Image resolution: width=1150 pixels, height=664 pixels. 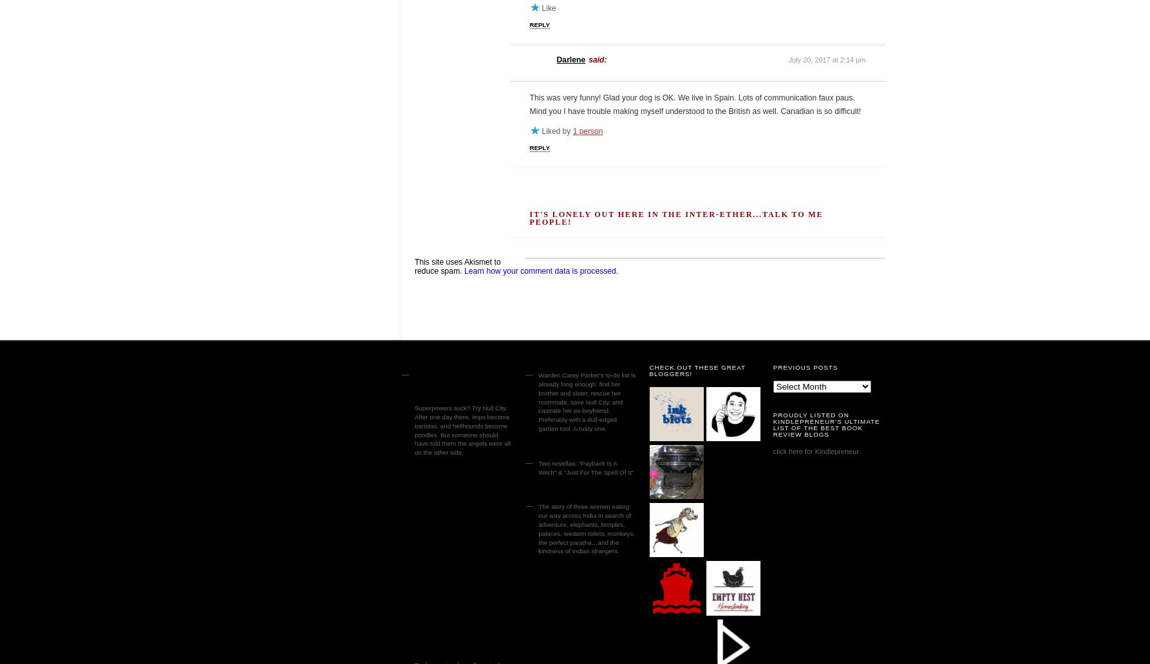 What do you see at coordinates (598, 59) in the screenshot?
I see `'said:'` at bounding box center [598, 59].